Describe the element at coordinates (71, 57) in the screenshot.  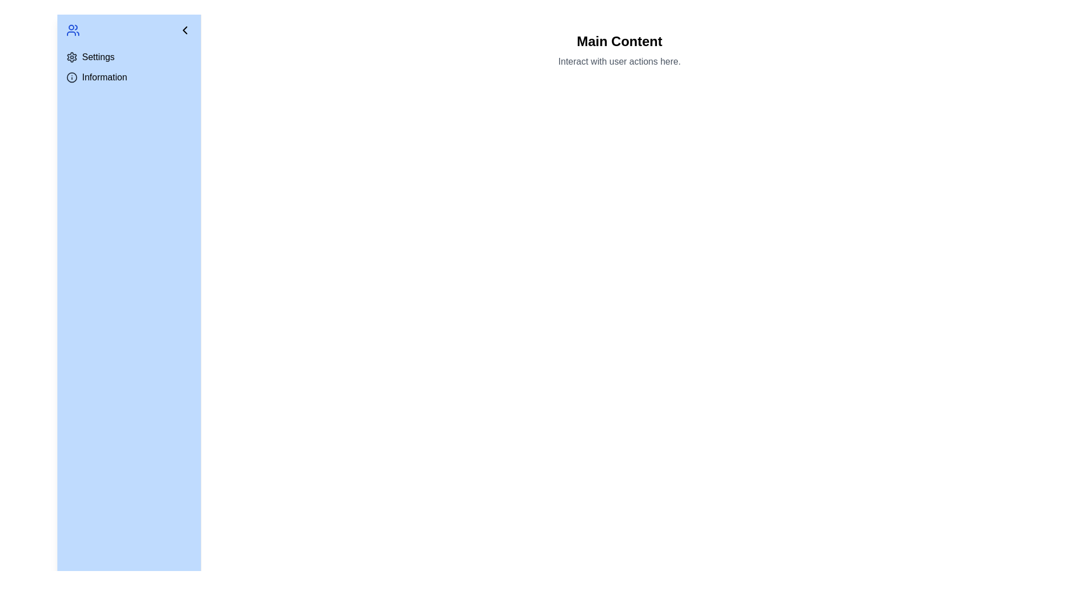
I see `the settings icon, which is depicted as a cogwheel or gear in dark gray, located at the start of the 'Settings' text item in the vertical navigation menu` at that location.